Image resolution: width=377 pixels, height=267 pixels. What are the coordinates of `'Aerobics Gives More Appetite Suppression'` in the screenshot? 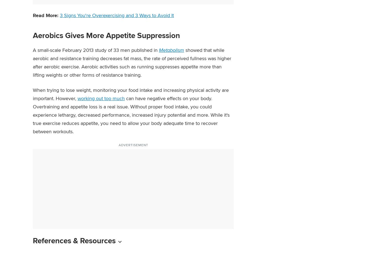 It's located at (106, 35).